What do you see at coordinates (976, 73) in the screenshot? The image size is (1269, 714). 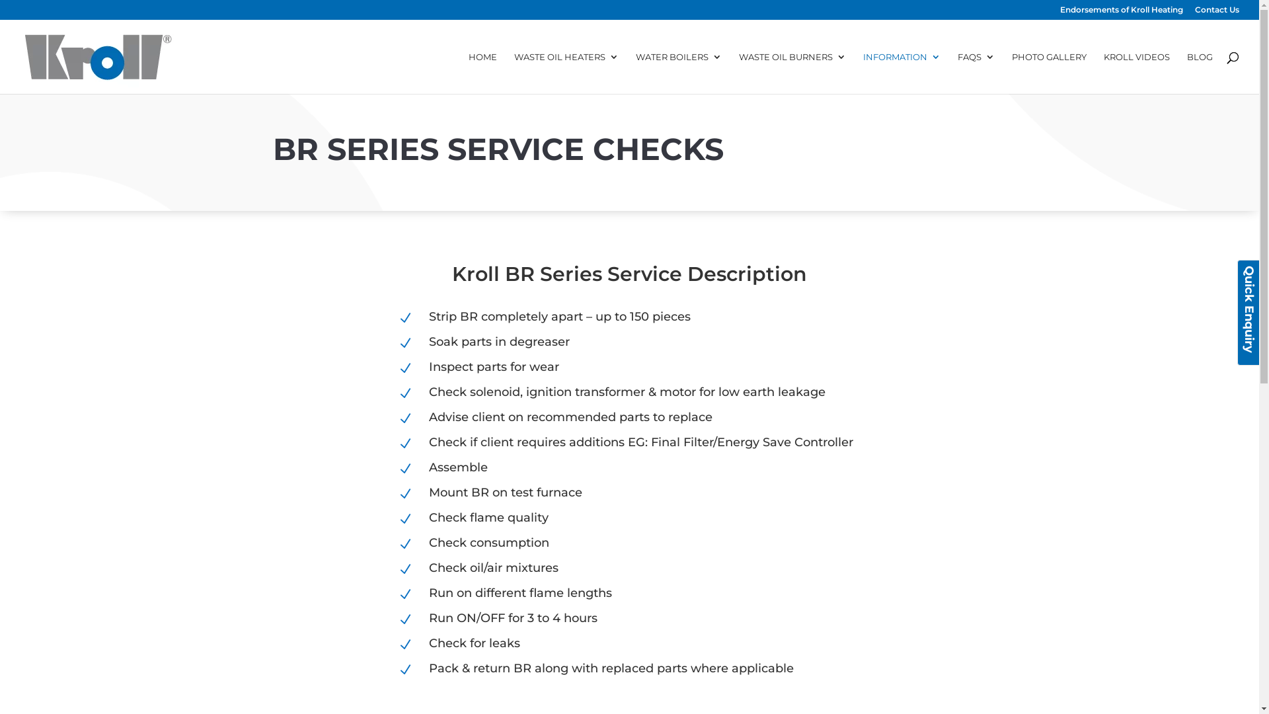 I see `'FAQS'` at bounding box center [976, 73].